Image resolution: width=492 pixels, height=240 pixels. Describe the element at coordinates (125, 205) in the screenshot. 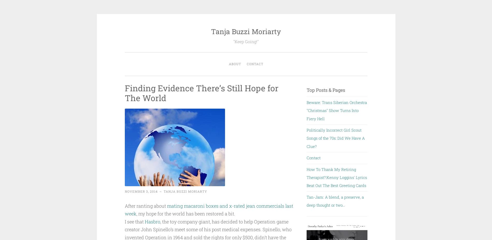

I see `'After ranting about'` at that location.